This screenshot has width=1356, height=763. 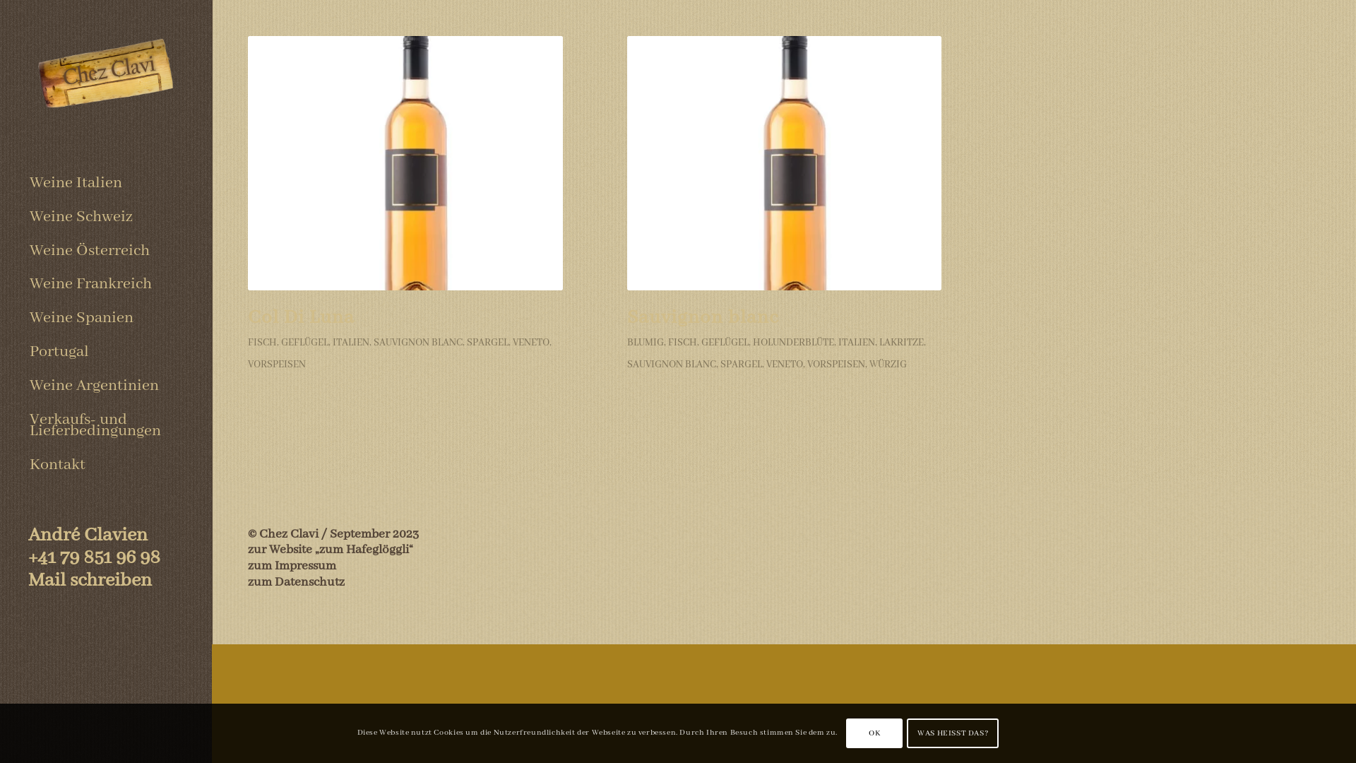 I want to click on 'VENETO', so click(x=530, y=343).